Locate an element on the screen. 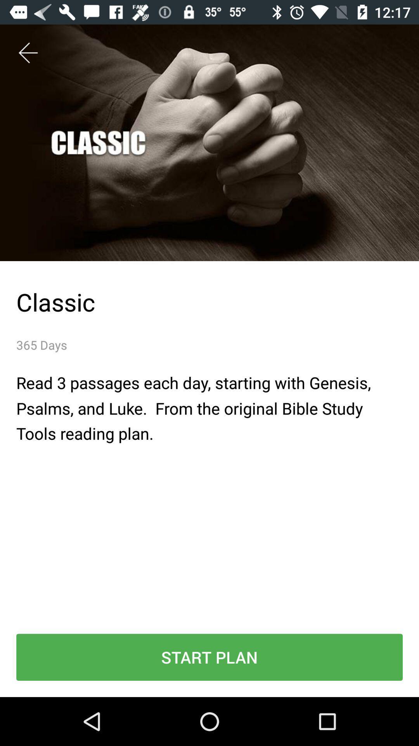 The image size is (419, 746). start plan icon is located at coordinates (209, 657).